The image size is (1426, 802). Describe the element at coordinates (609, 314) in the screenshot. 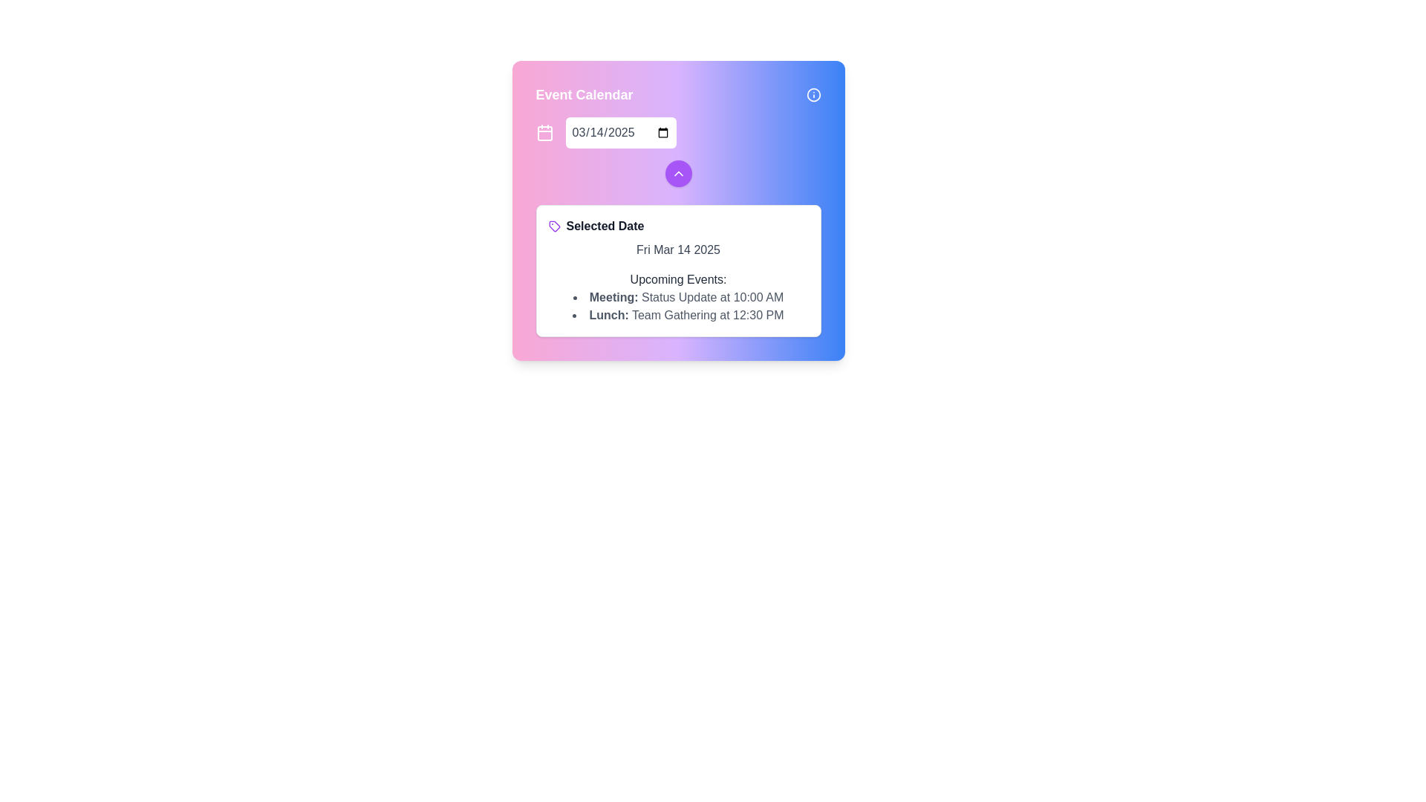

I see `the 'Lunch' text label which indicates the type of an event in the 'Upcoming Events' section of the 'Event Calendar' panel` at that location.